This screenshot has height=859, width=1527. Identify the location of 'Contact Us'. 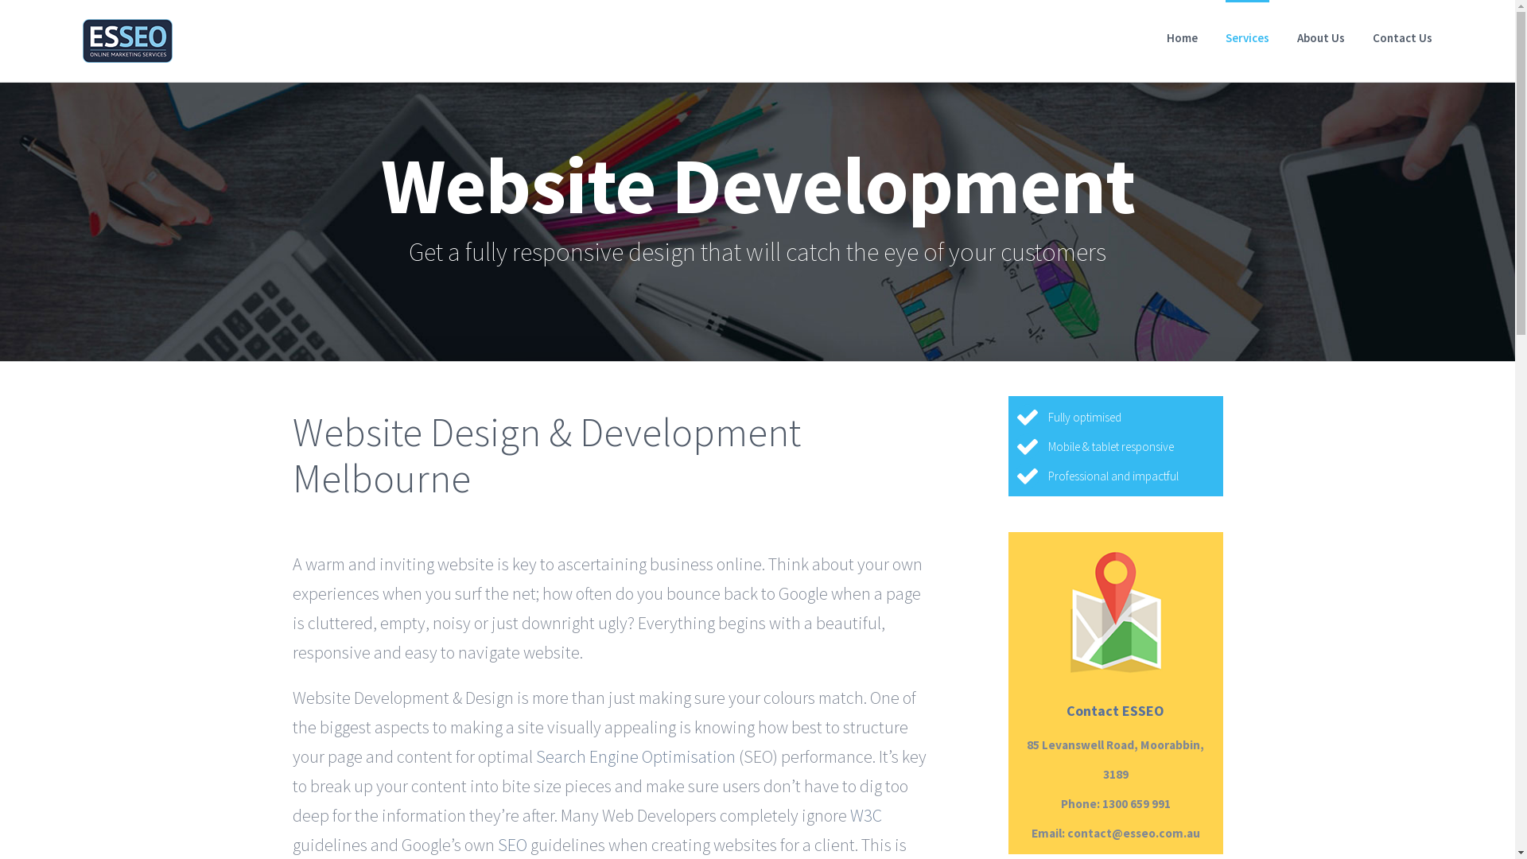
(1402, 36).